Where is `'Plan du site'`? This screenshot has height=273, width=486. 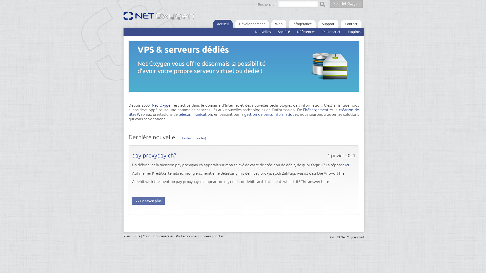 'Plan du site' is located at coordinates (124, 236).